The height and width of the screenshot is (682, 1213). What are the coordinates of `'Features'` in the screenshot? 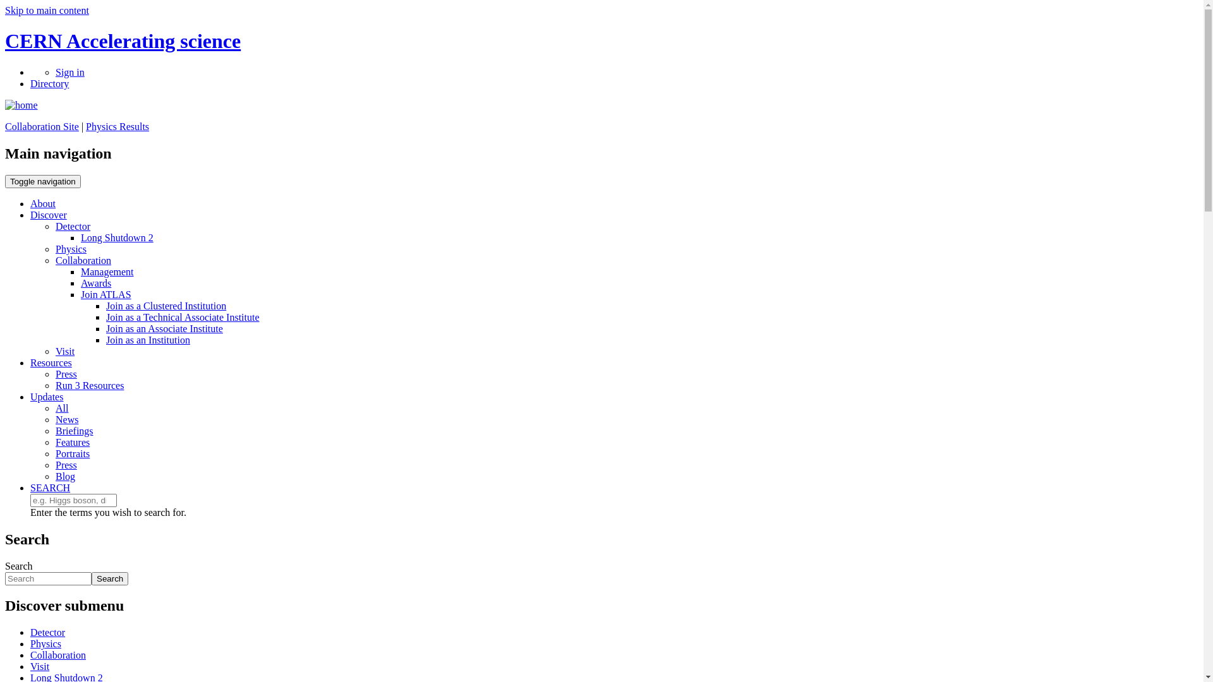 It's located at (54, 441).